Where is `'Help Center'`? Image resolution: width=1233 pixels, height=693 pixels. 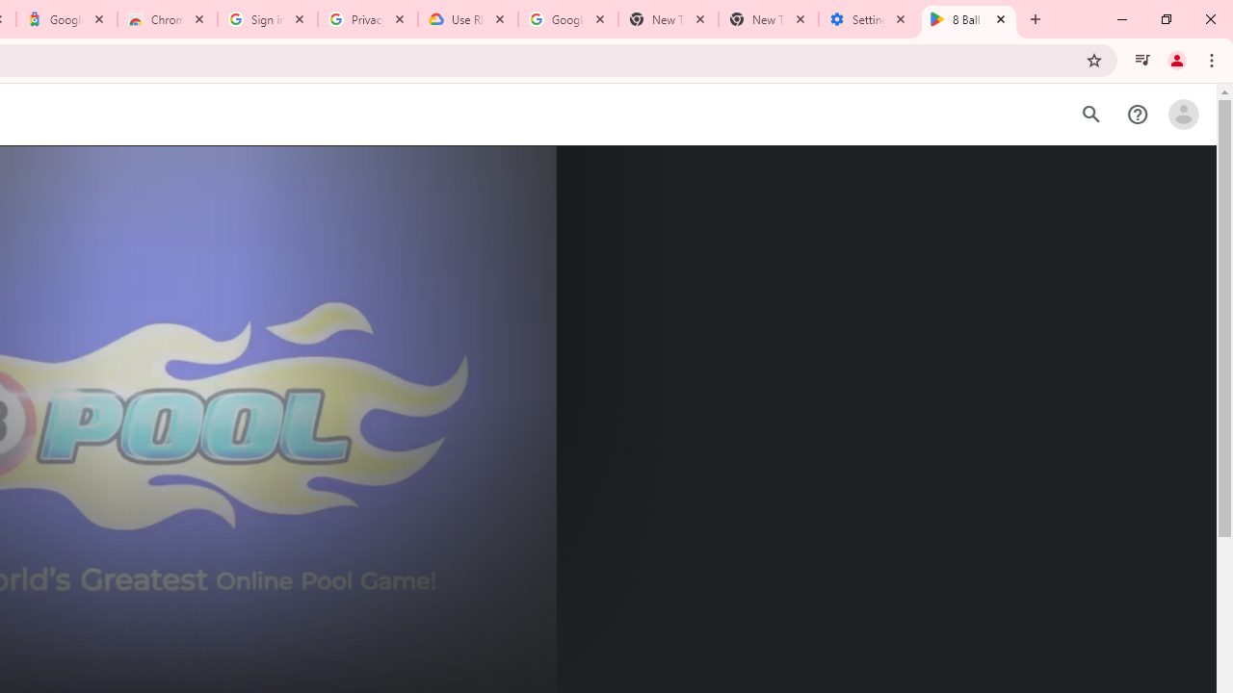 'Help Center' is located at coordinates (1137, 115).